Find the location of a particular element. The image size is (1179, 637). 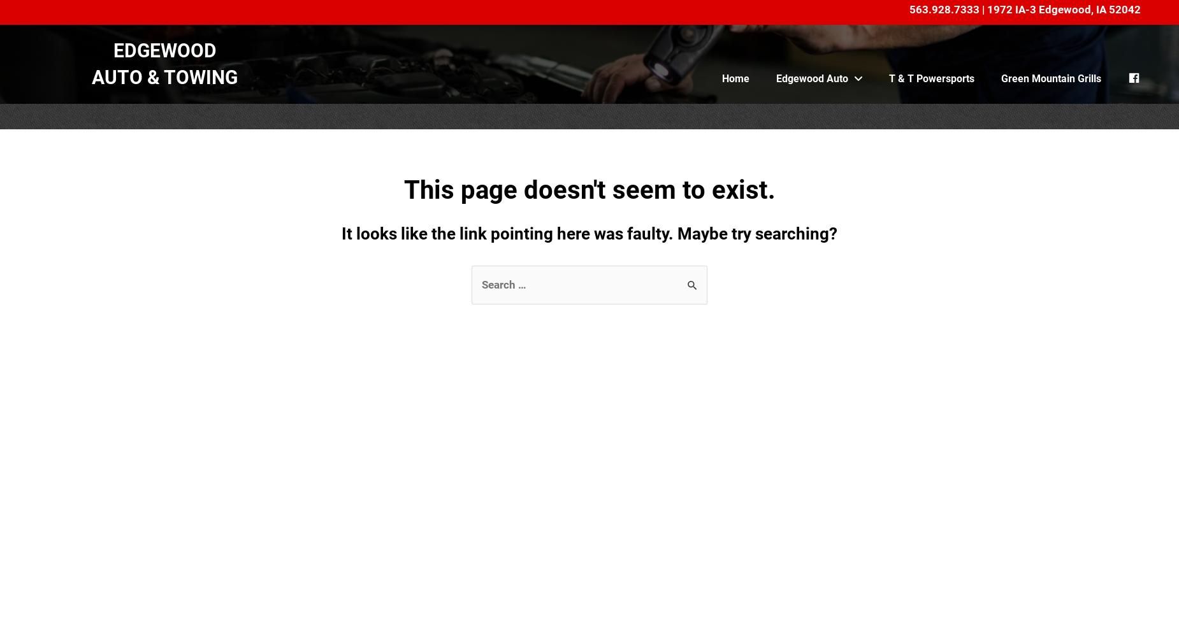

'| 1972 IA-3 Edgewood, IA 52042' is located at coordinates (1060, 10).